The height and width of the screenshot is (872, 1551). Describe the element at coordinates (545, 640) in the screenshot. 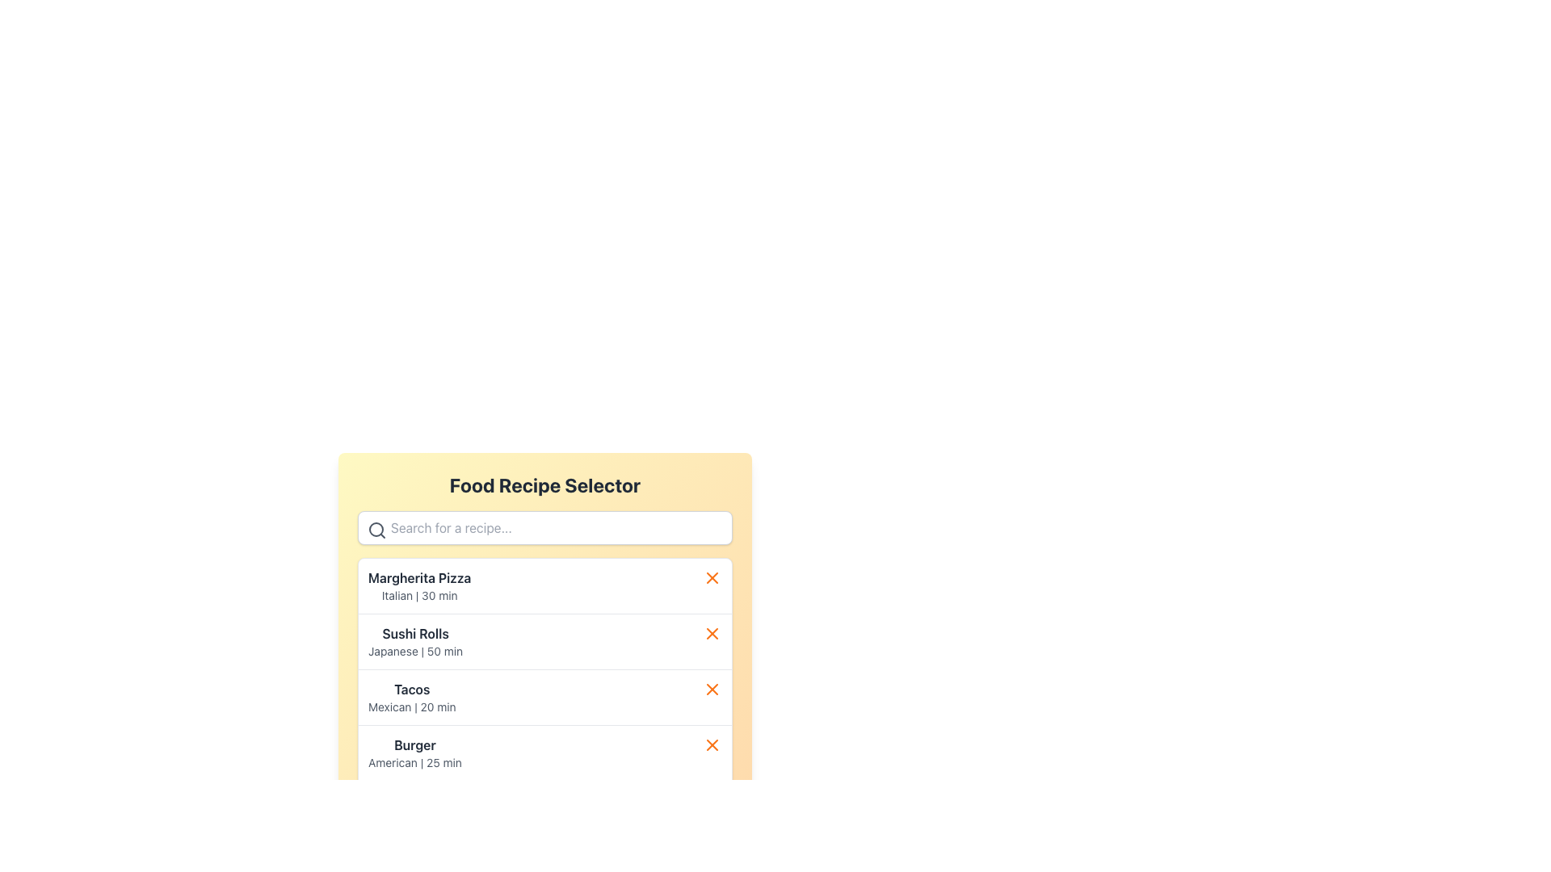

I see `the second food recipe item in the list, which is located directly below 'Margherita Pizza' and above 'Tacos'` at that location.